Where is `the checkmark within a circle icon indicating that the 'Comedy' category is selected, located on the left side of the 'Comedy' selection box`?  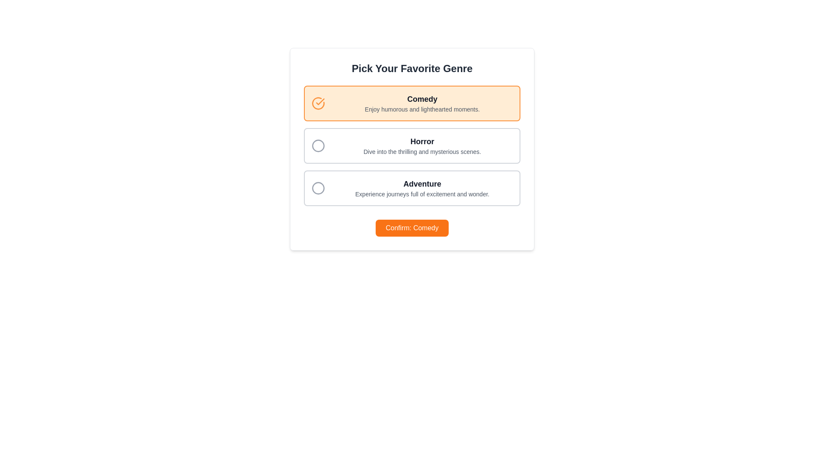
the checkmark within a circle icon indicating that the 'Comedy' category is selected, located on the left side of the 'Comedy' selection box is located at coordinates (321, 103).